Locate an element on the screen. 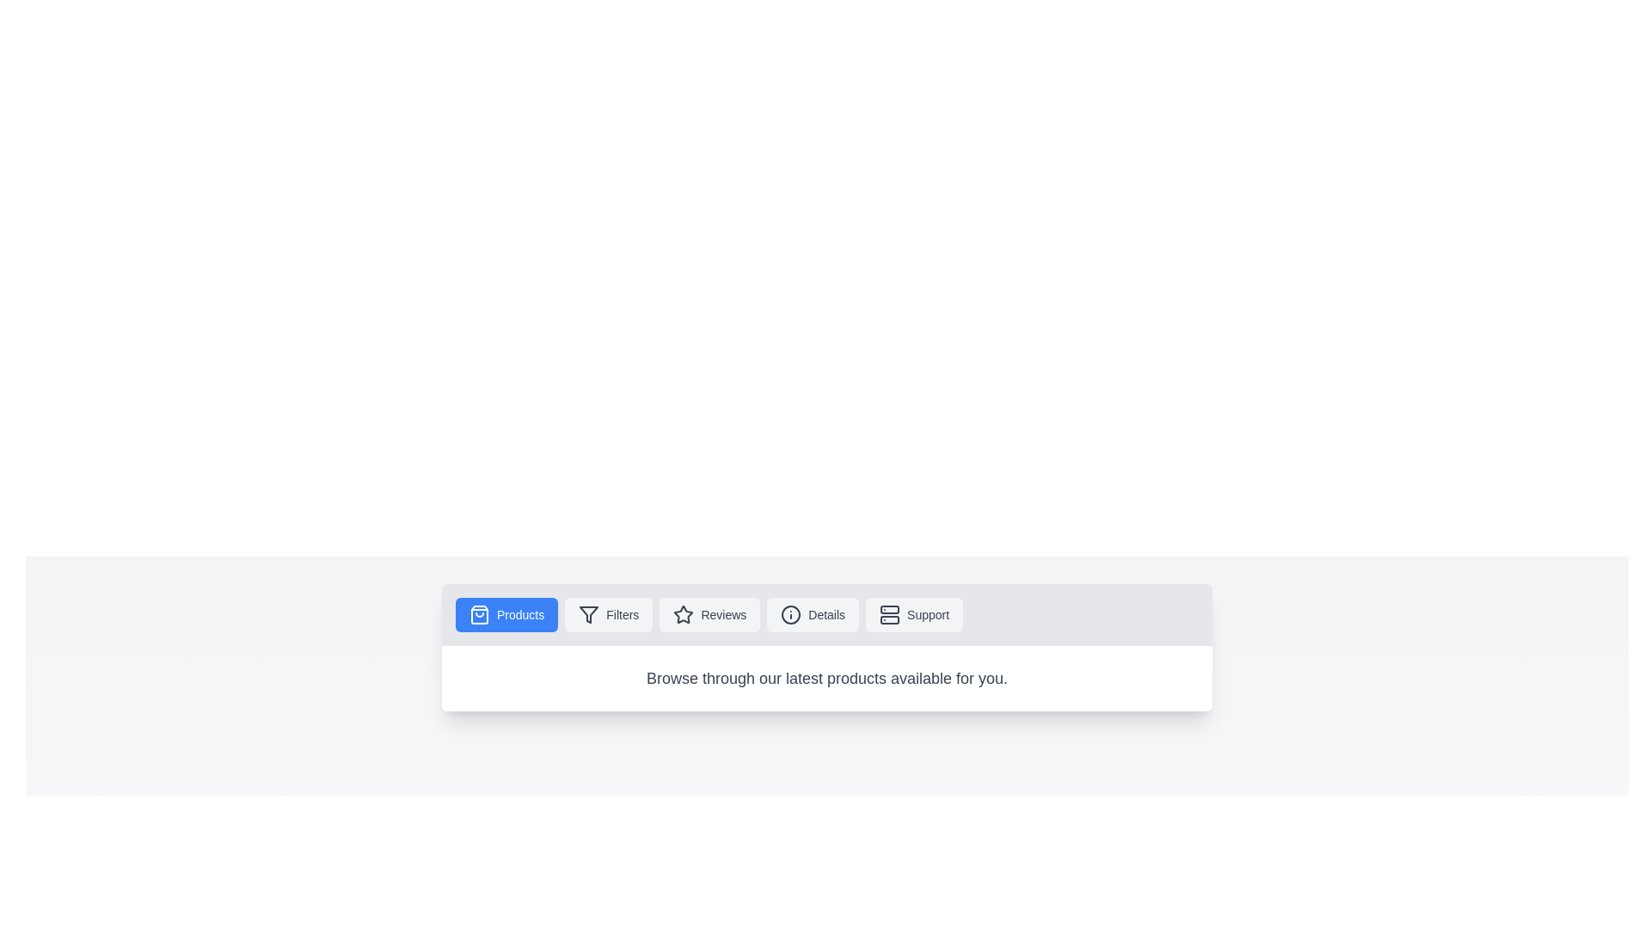  the Support tab to observe its hover effect is located at coordinates (913, 613).